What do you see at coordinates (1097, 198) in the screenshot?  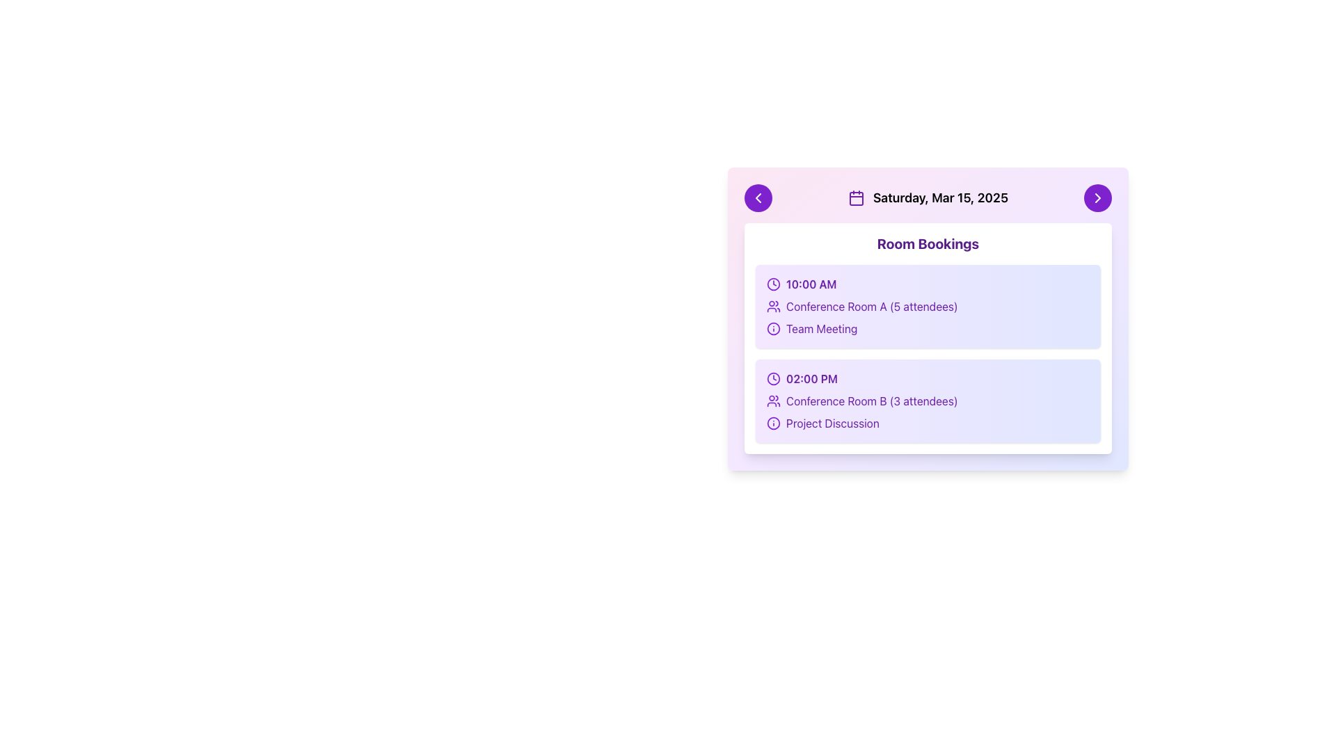 I see `the forward navigation arrow icon located in the top-right corner of the Room Bookings section` at bounding box center [1097, 198].